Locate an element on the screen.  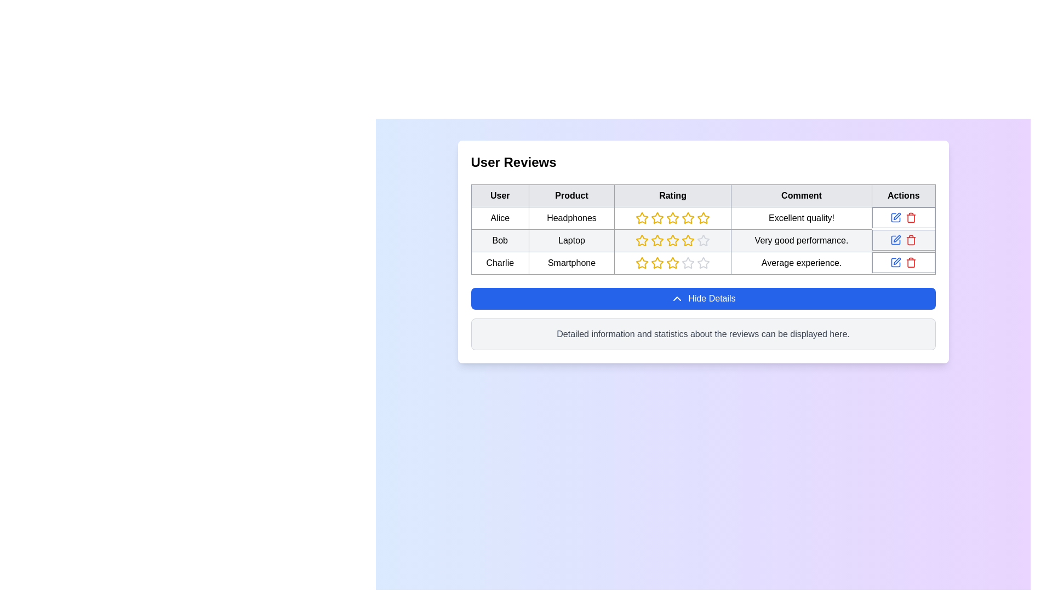
the second star icon in the third row of the rating column in the user reviews table, which is styled with a yellow outline and no fill is located at coordinates (642, 263).